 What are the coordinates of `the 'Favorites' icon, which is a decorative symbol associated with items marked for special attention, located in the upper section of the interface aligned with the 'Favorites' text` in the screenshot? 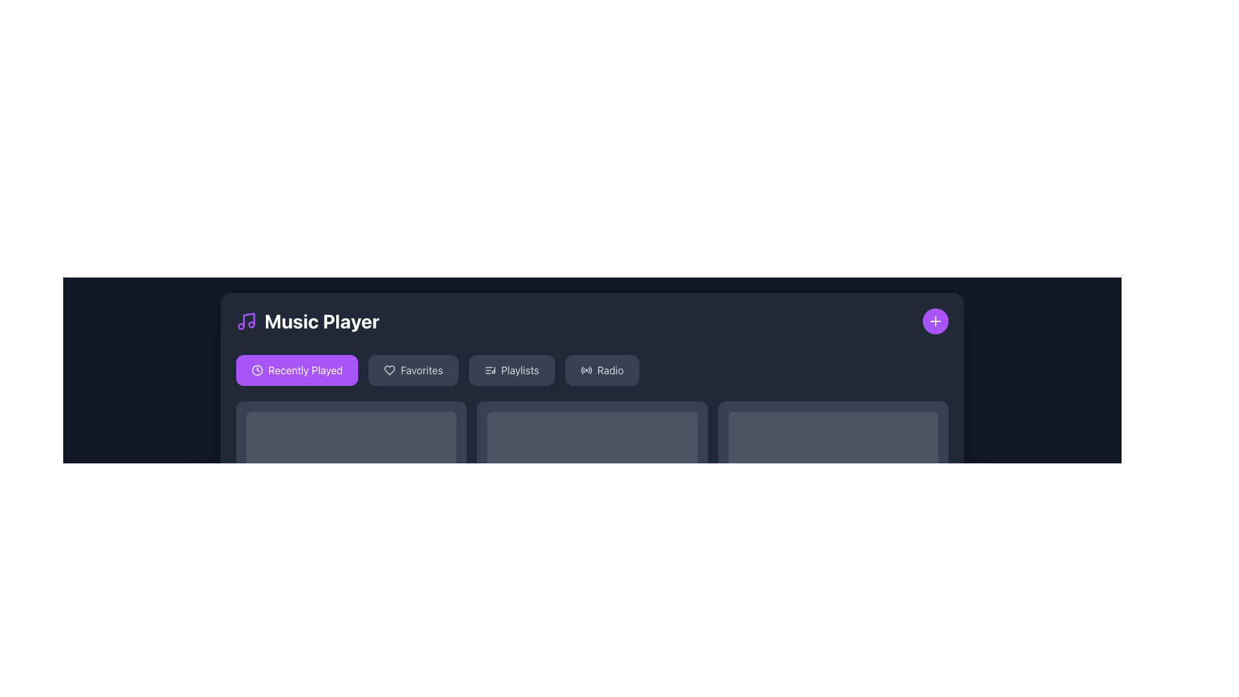 It's located at (389, 370).